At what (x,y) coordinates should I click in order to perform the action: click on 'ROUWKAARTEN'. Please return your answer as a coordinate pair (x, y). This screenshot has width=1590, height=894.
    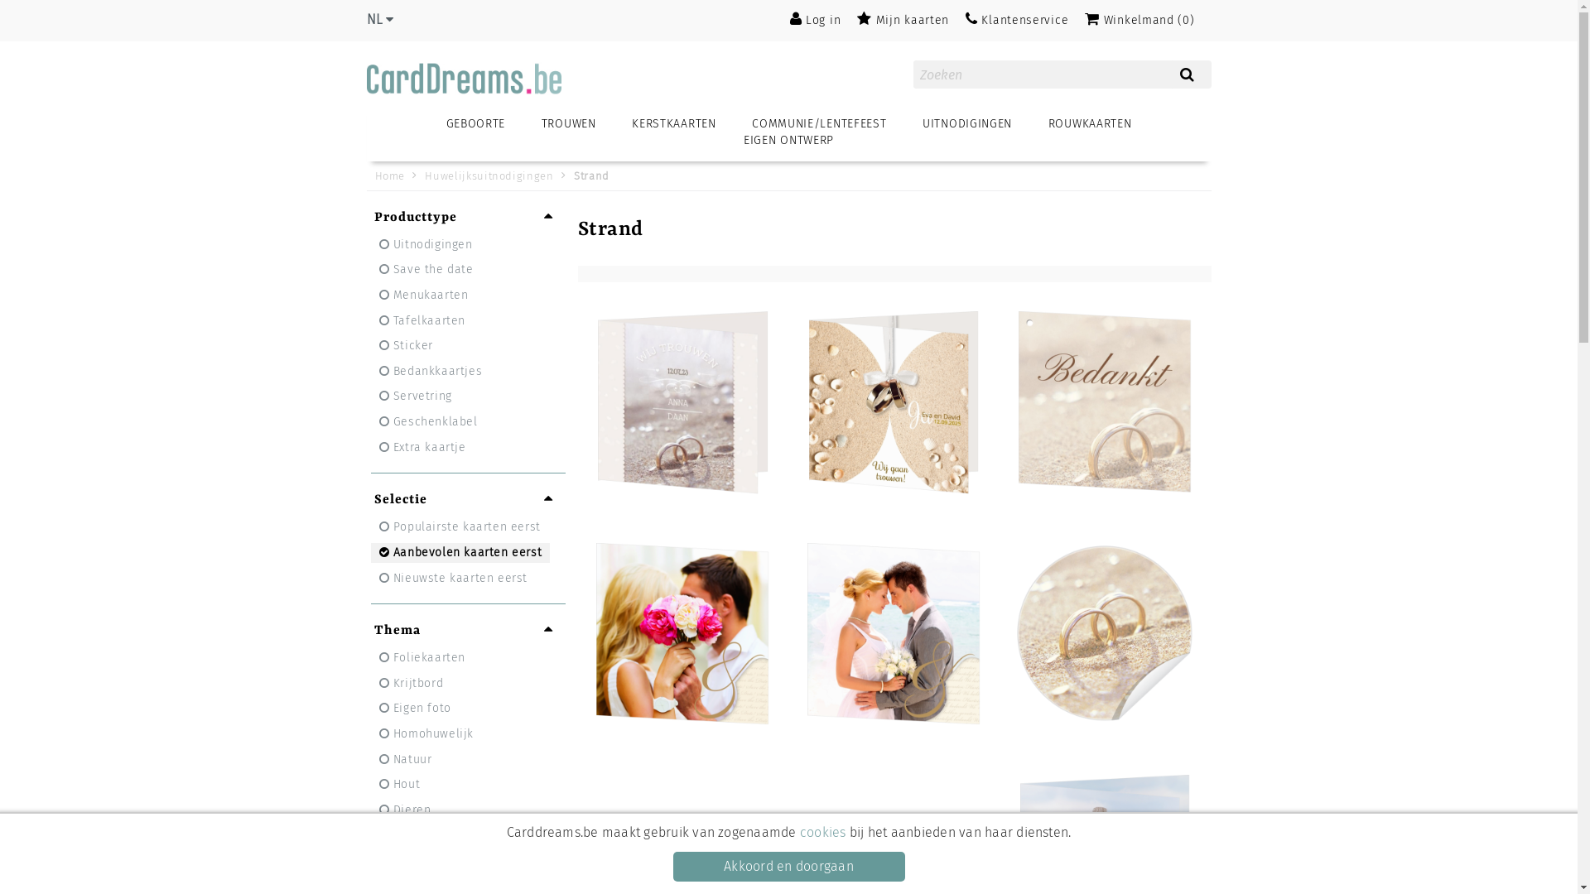
    Looking at the image, I should click on (1090, 123).